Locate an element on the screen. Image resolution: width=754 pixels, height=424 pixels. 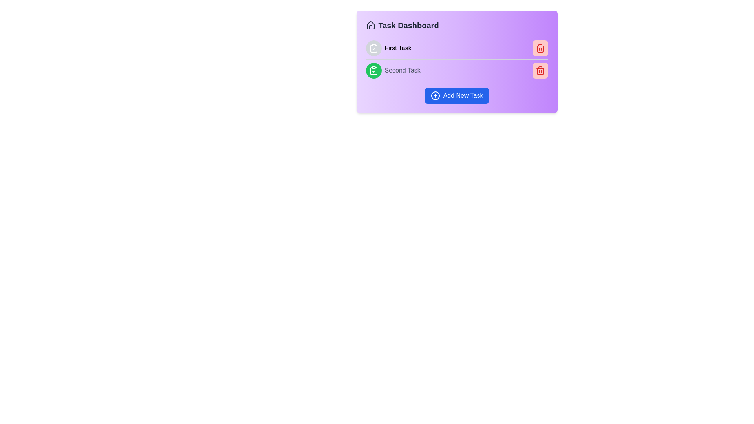
the house-shaped icon located above the text 'Task Dashboard' in the upper-left section of the interface is located at coordinates (370, 25).